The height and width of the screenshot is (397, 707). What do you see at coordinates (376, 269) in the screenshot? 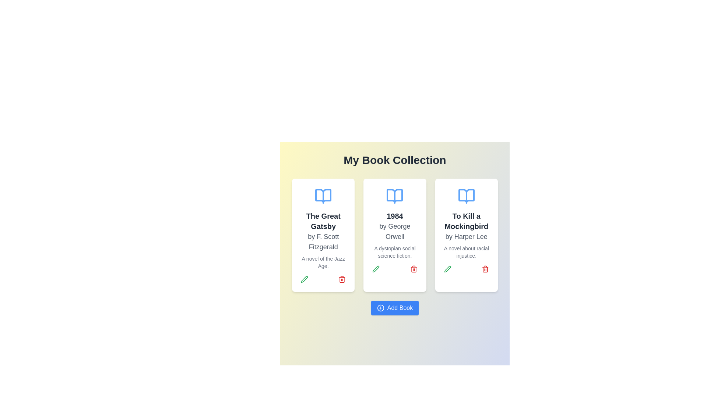
I see `the green pen icon button for editing, located within the card for '1984 by George Orwell'` at bounding box center [376, 269].